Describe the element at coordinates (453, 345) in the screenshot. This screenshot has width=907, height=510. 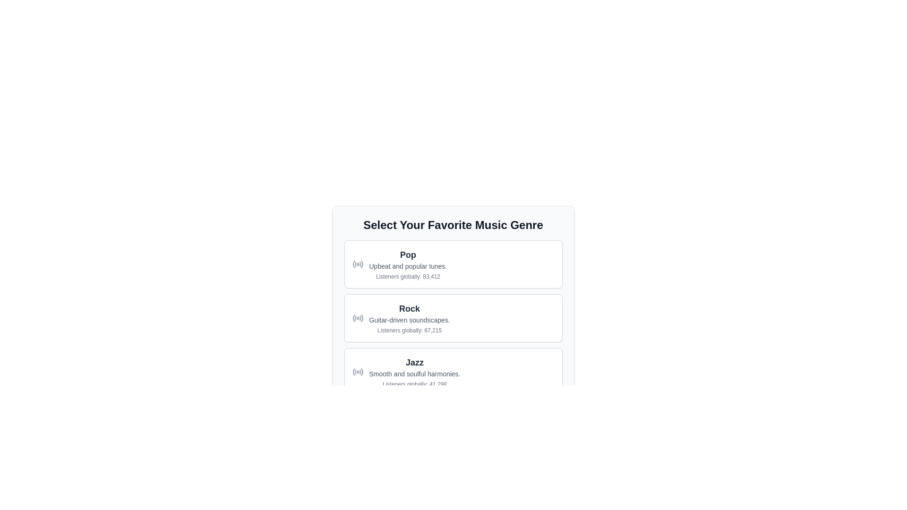
I see `details of each genre block within the list of music genres presented below the title 'Select Your Favorite Music Genre.'` at that location.